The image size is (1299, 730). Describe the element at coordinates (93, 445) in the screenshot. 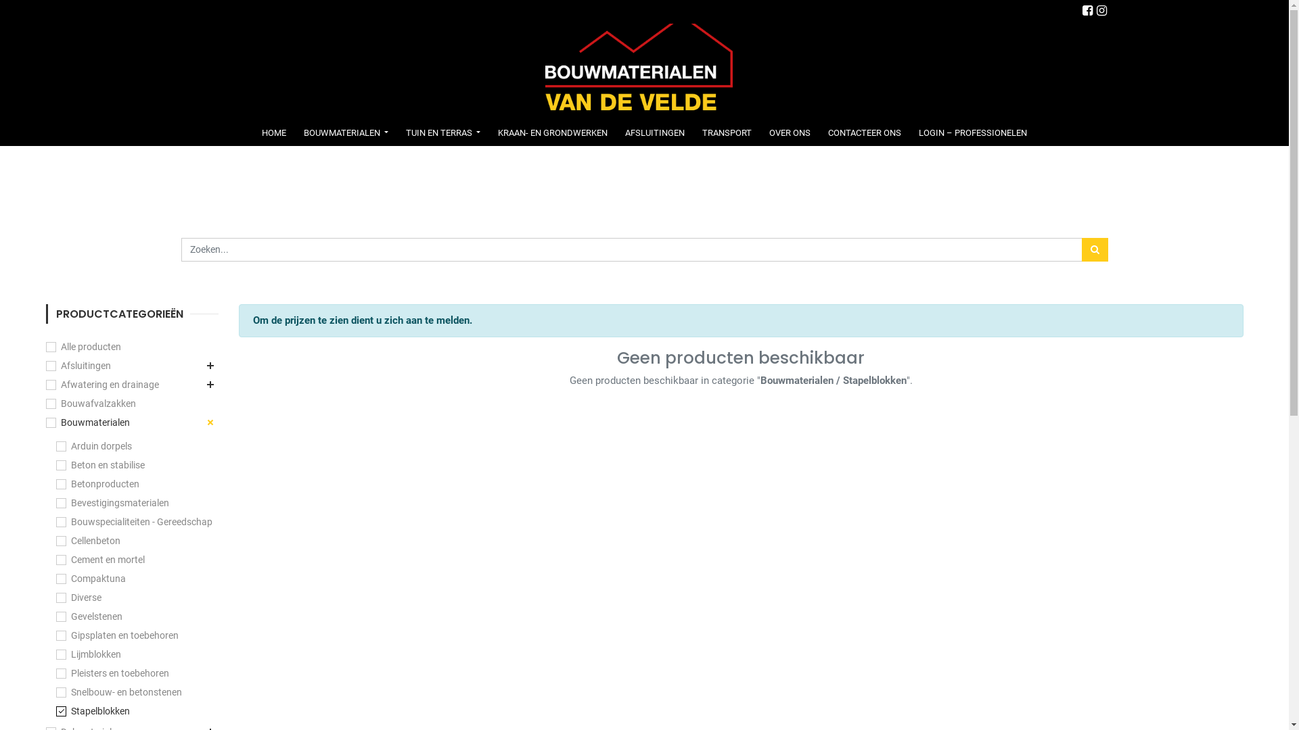

I see `'Arduin dorpels'` at that location.